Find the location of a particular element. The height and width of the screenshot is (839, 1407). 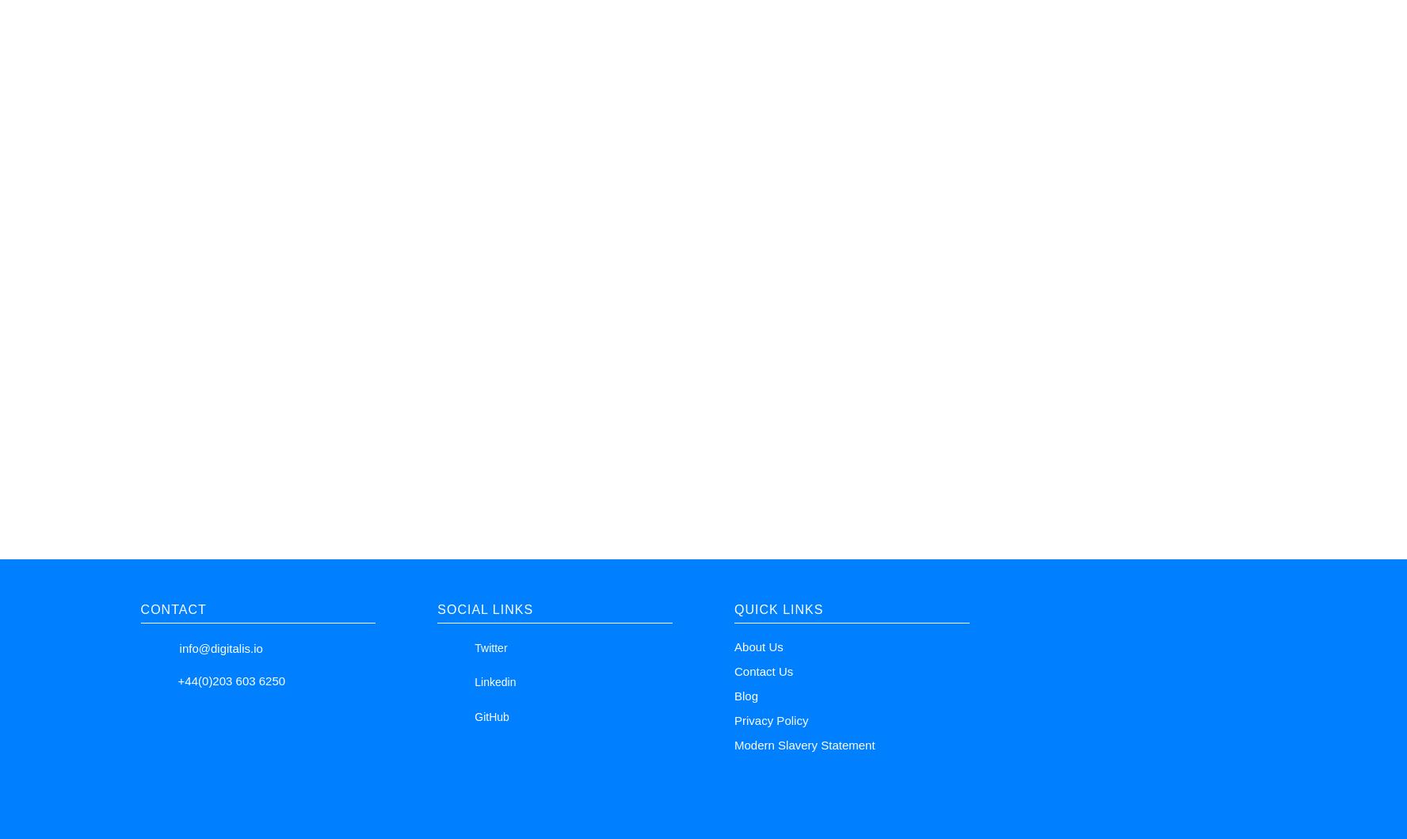

'Modern Slavery Statement' is located at coordinates (804, 744).